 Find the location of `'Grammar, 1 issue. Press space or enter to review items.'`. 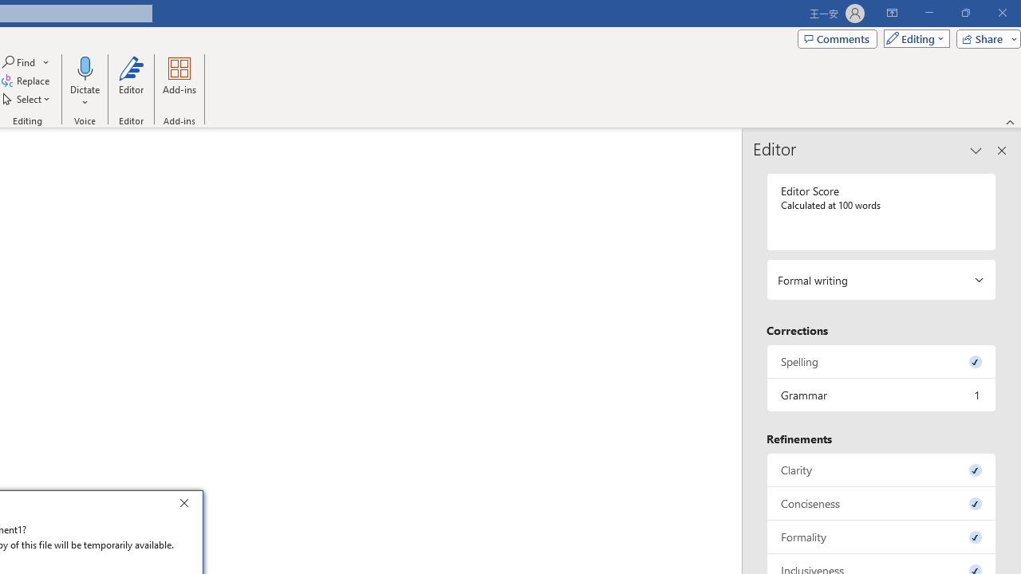

'Grammar, 1 issue. Press space or enter to review items.' is located at coordinates (881, 395).